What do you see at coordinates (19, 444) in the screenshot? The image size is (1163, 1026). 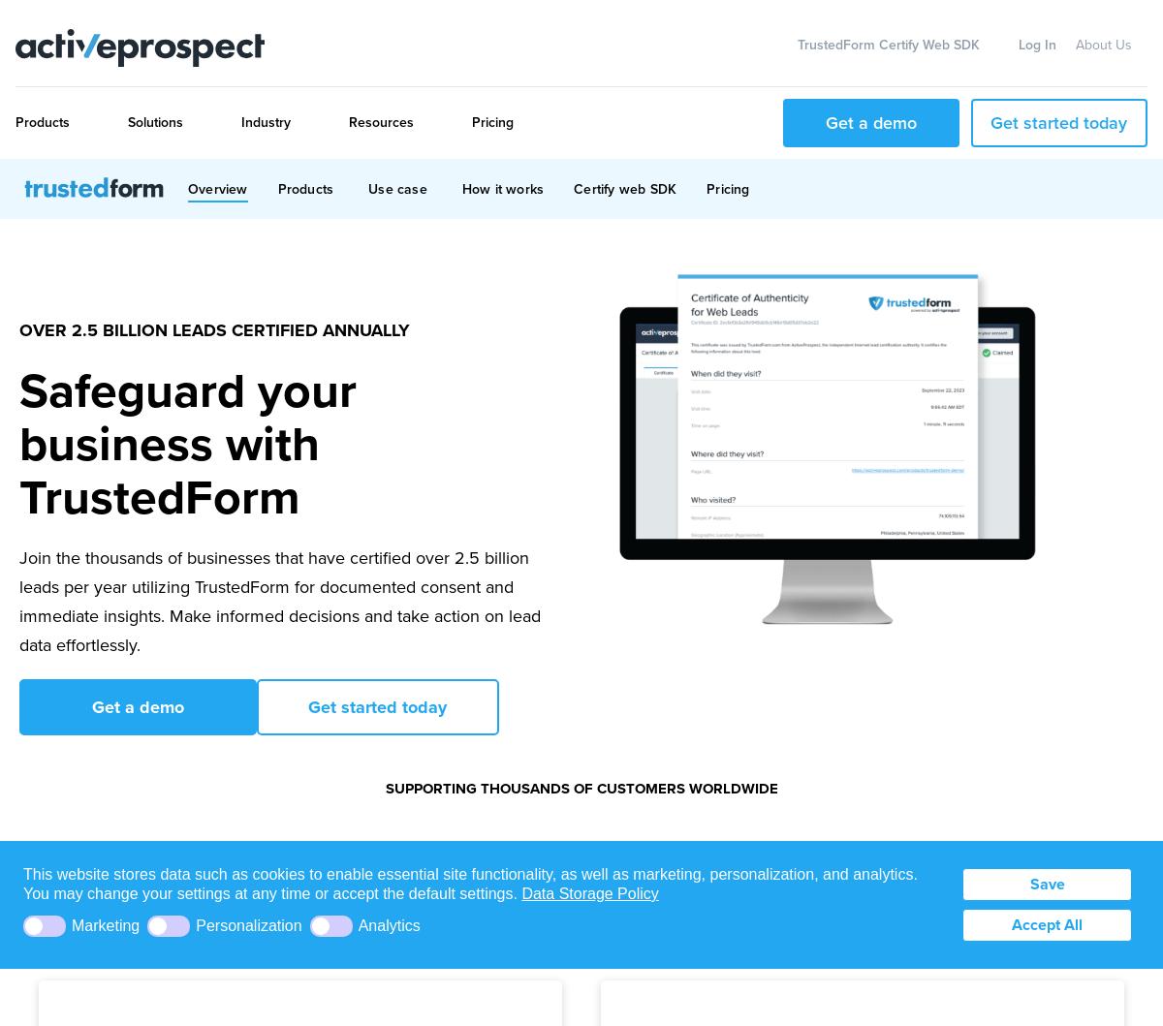 I see `'Safeguard your business with TrustedForm'` at bounding box center [19, 444].